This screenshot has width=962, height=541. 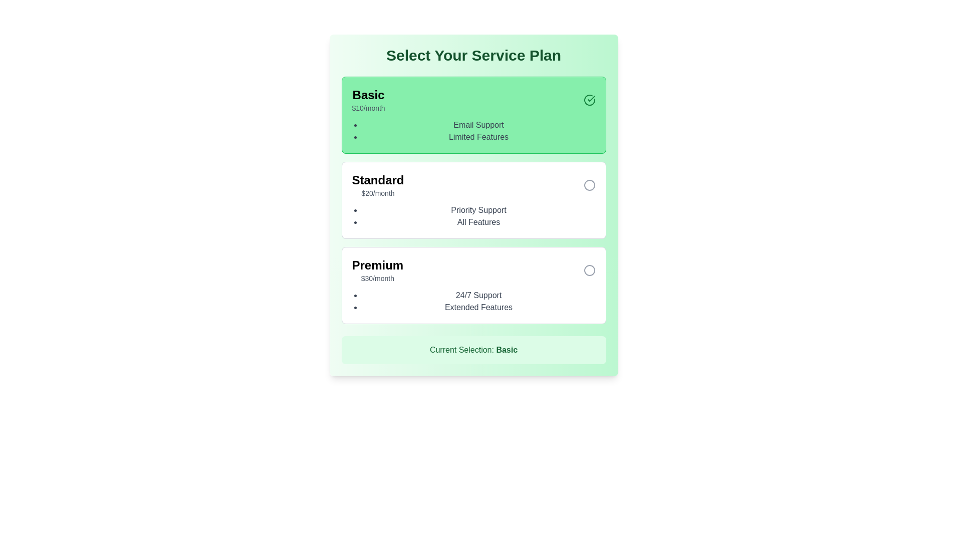 What do you see at coordinates (368, 95) in the screenshot?
I see `text of the static label identifying the pricing plan as 'Basic' with the price '$10/month', located at the top-left of the green card` at bounding box center [368, 95].